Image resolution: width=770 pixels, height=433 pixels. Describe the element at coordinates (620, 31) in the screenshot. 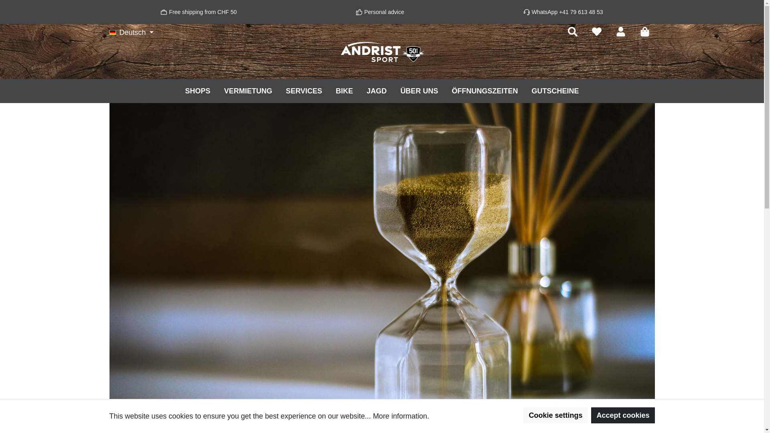

I see `'My account'` at that location.